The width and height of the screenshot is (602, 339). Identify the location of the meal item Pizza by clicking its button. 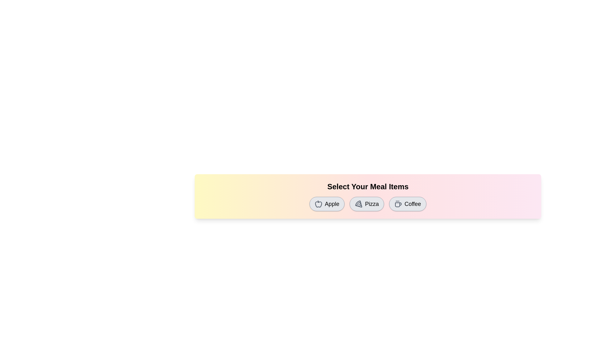
(367, 204).